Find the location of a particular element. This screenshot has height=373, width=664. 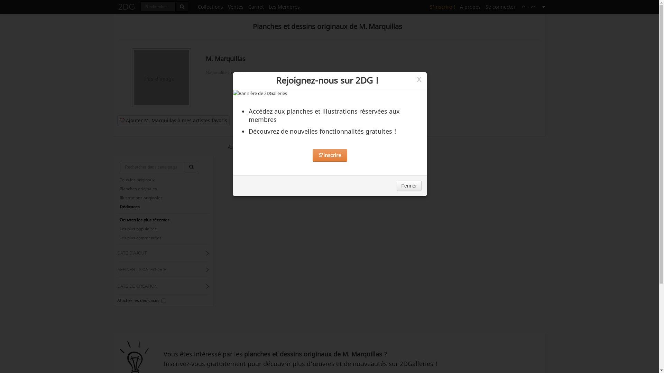

'S'inscrire' is located at coordinates (330, 155).